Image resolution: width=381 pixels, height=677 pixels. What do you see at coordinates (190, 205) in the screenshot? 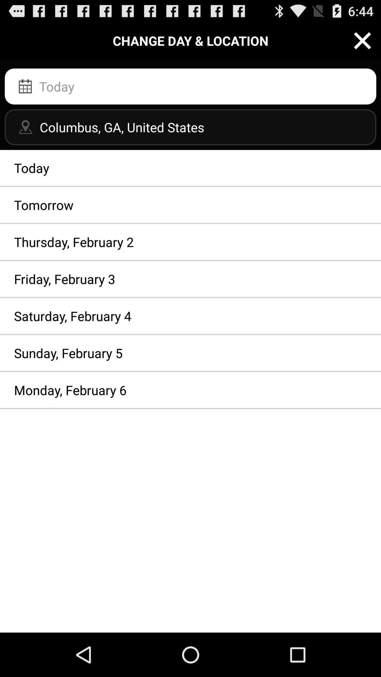
I see `the icon above the thursday, february 2` at bounding box center [190, 205].